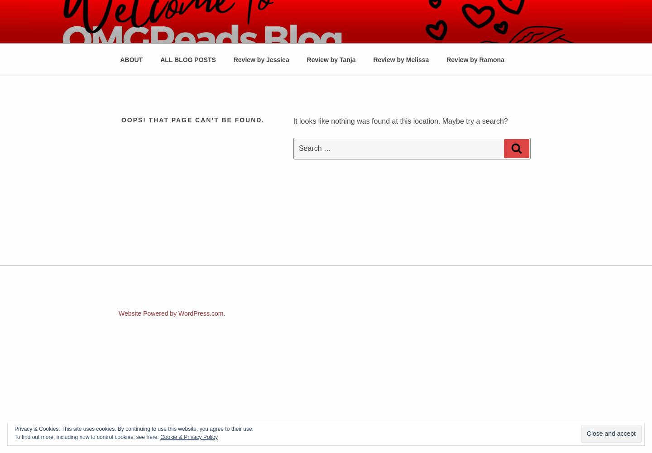 This screenshot has width=652, height=453. Describe the element at coordinates (400, 59) in the screenshot. I see `'Review by Melissa'` at that location.